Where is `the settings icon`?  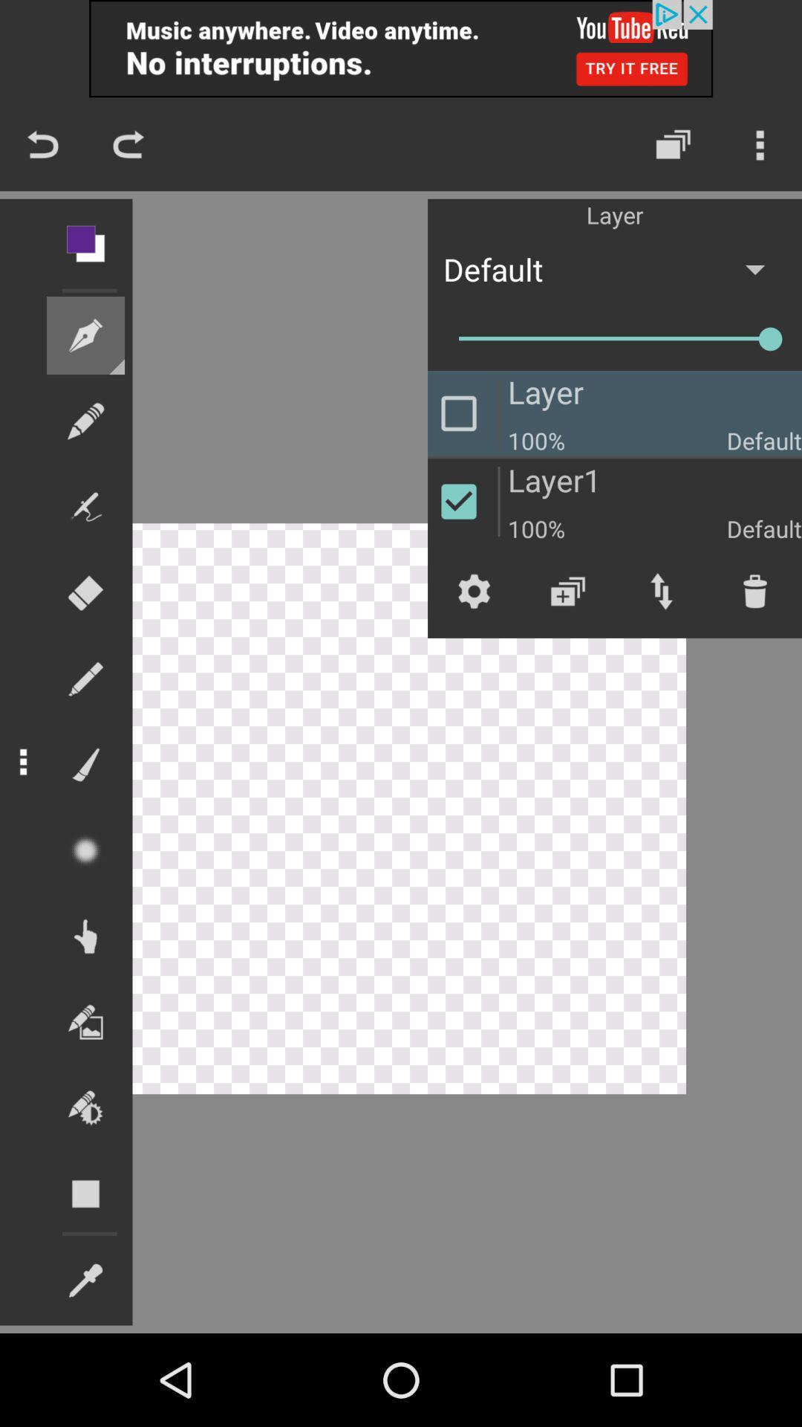
the settings icon is located at coordinates (475, 590).